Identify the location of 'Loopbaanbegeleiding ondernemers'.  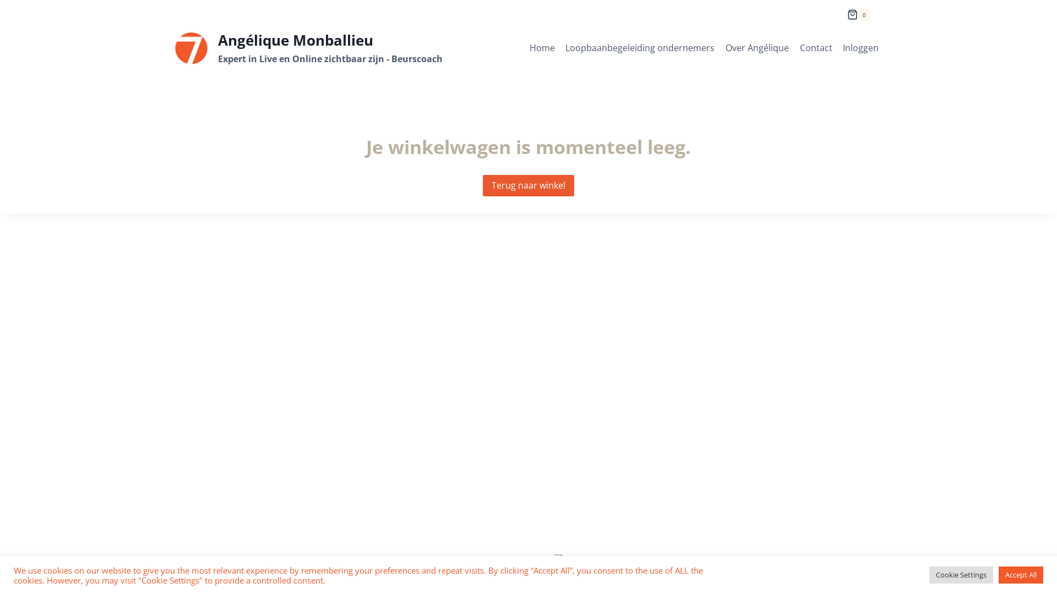
(640, 47).